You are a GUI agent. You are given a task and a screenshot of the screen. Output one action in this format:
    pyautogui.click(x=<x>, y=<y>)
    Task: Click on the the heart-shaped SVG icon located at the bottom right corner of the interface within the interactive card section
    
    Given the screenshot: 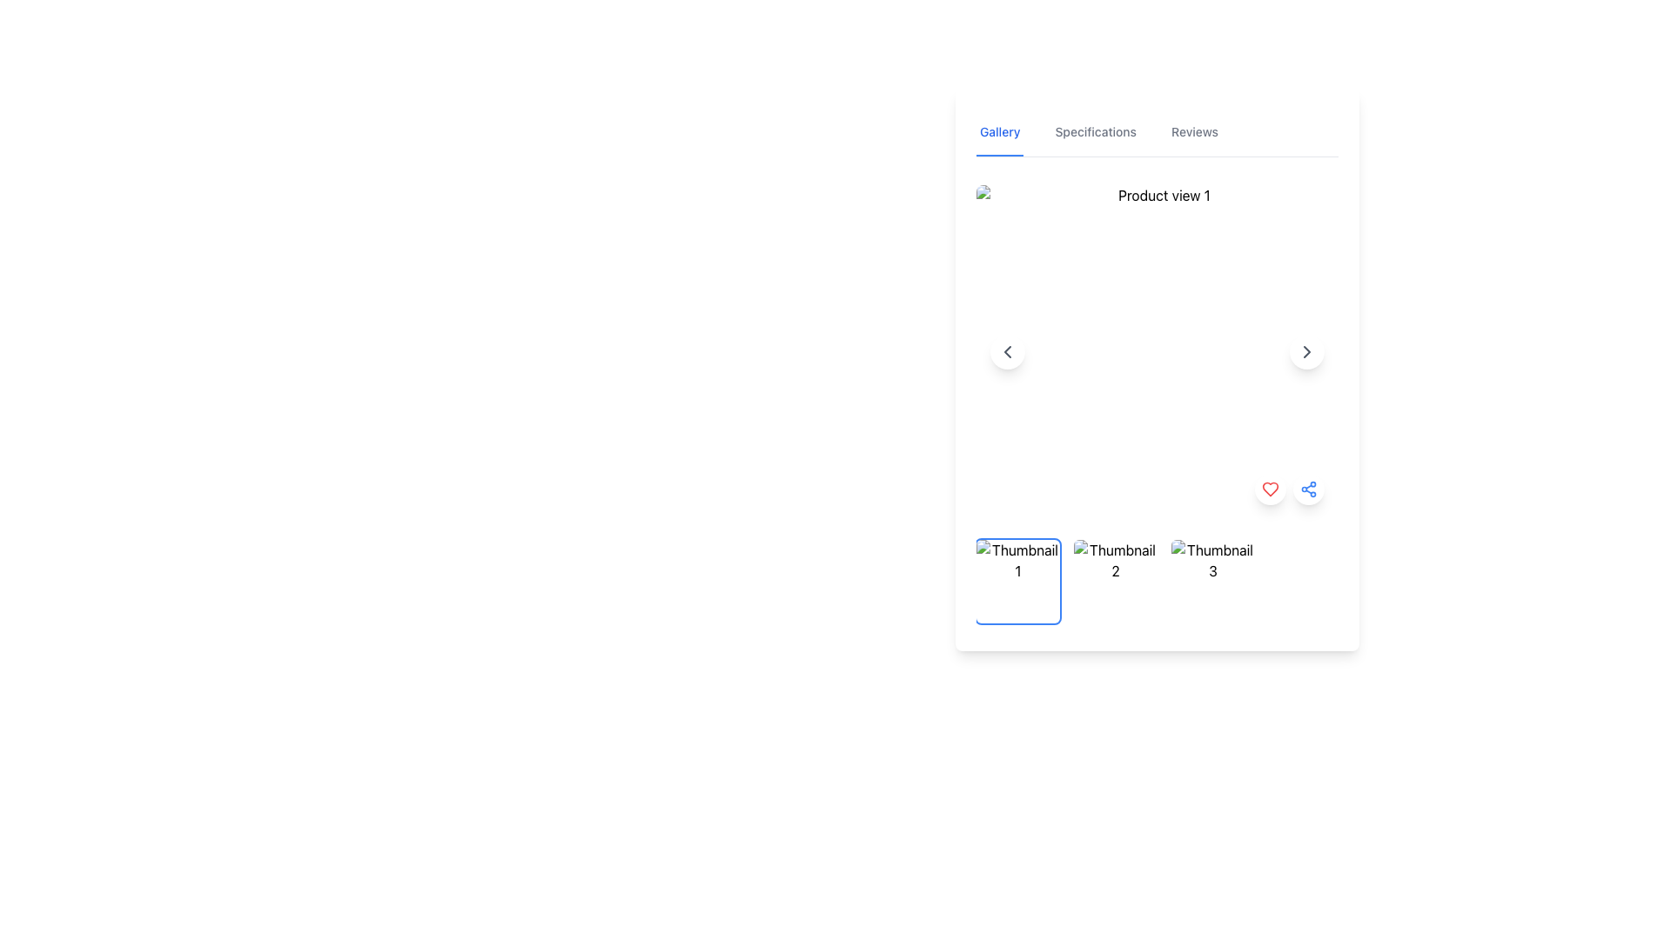 What is the action you would take?
    pyautogui.click(x=1270, y=489)
    